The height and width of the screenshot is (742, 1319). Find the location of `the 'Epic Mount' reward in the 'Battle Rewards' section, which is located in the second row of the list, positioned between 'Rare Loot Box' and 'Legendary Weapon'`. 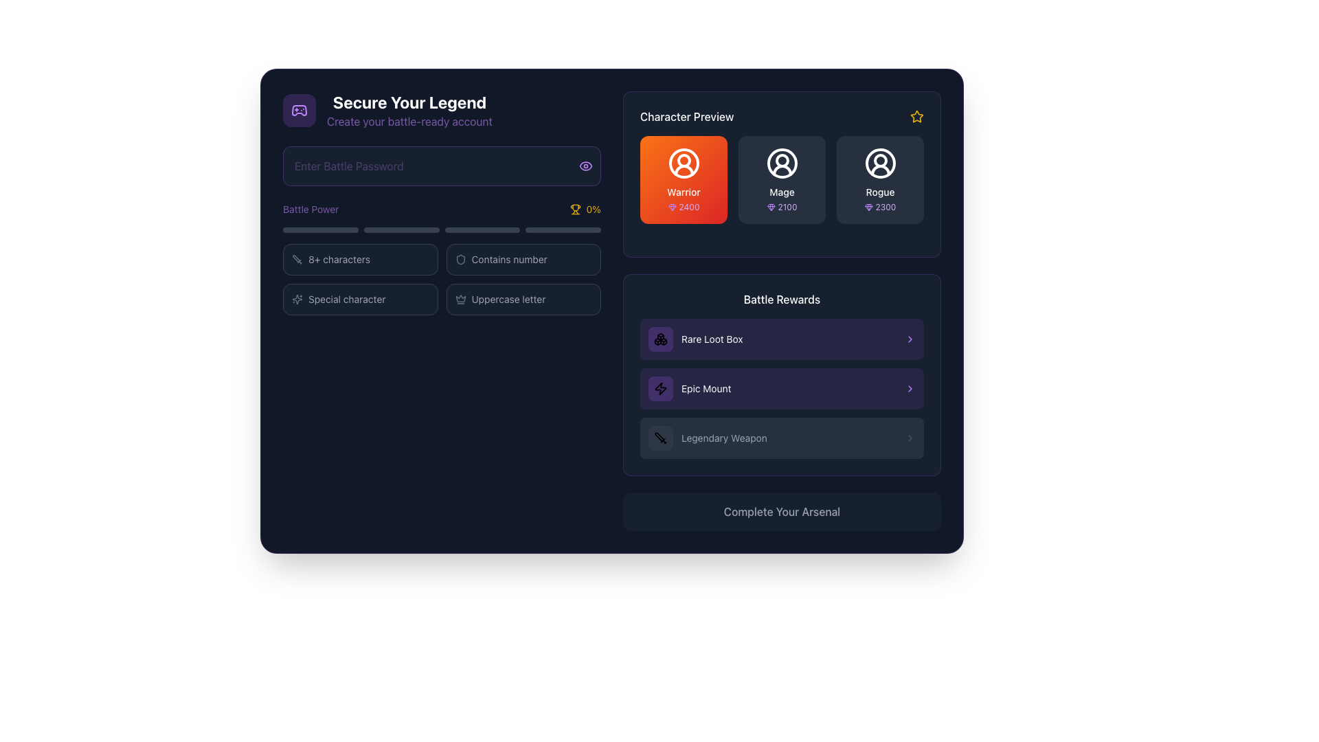

the 'Epic Mount' reward in the 'Battle Rewards' section, which is located in the second row of the list, positioned between 'Rare Loot Box' and 'Legendary Weapon' is located at coordinates (782, 389).